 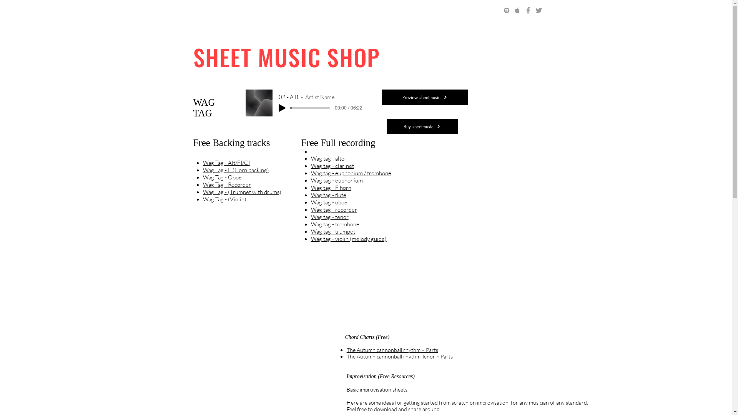 What do you see at coordinates (196, 11) in the screenshot?
I see `'HOME'` at bounding box center [196, 11].